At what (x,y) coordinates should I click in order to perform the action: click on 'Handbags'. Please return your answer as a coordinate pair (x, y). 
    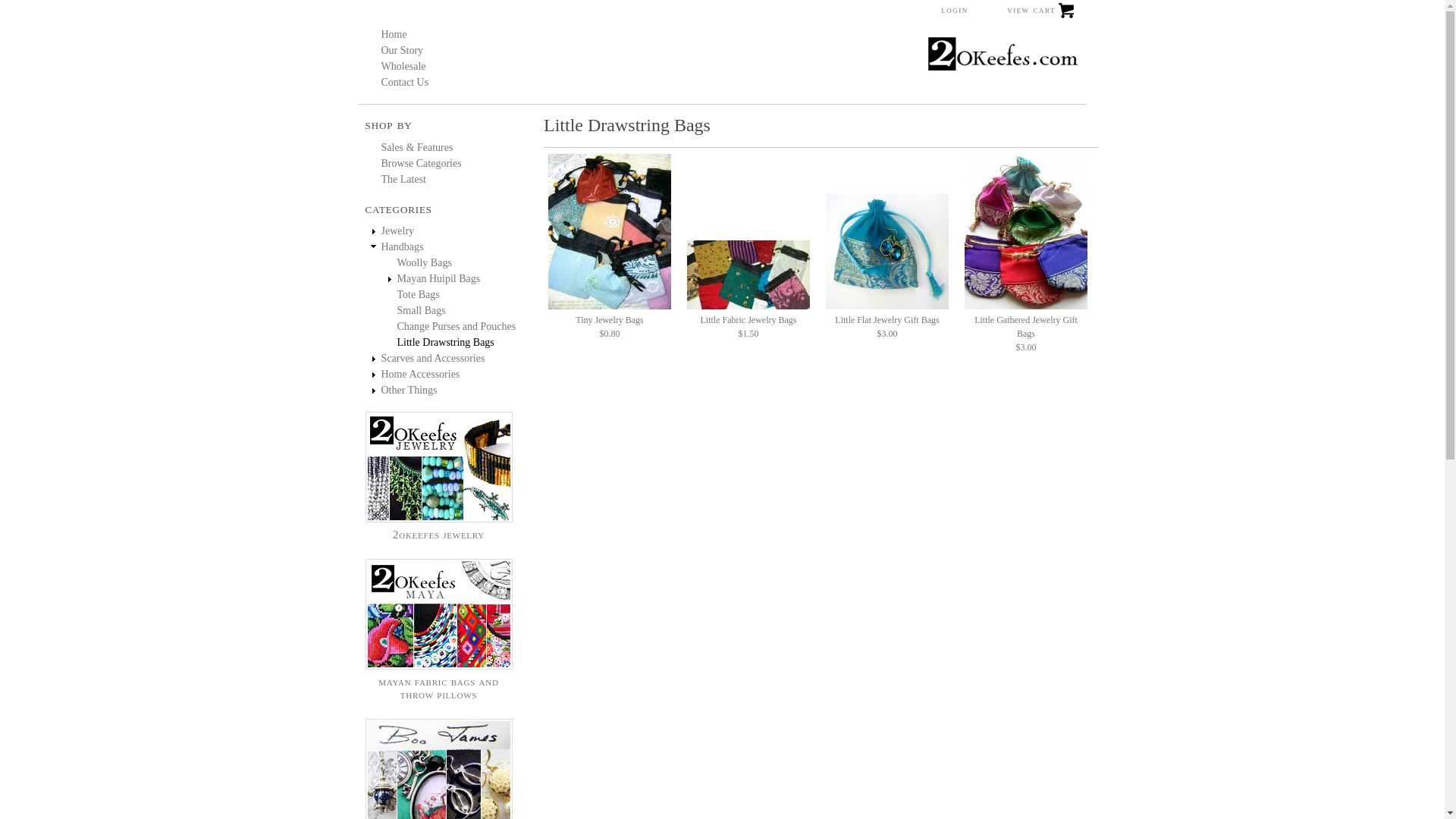
    Looking at the image, I should click on (401, 246).